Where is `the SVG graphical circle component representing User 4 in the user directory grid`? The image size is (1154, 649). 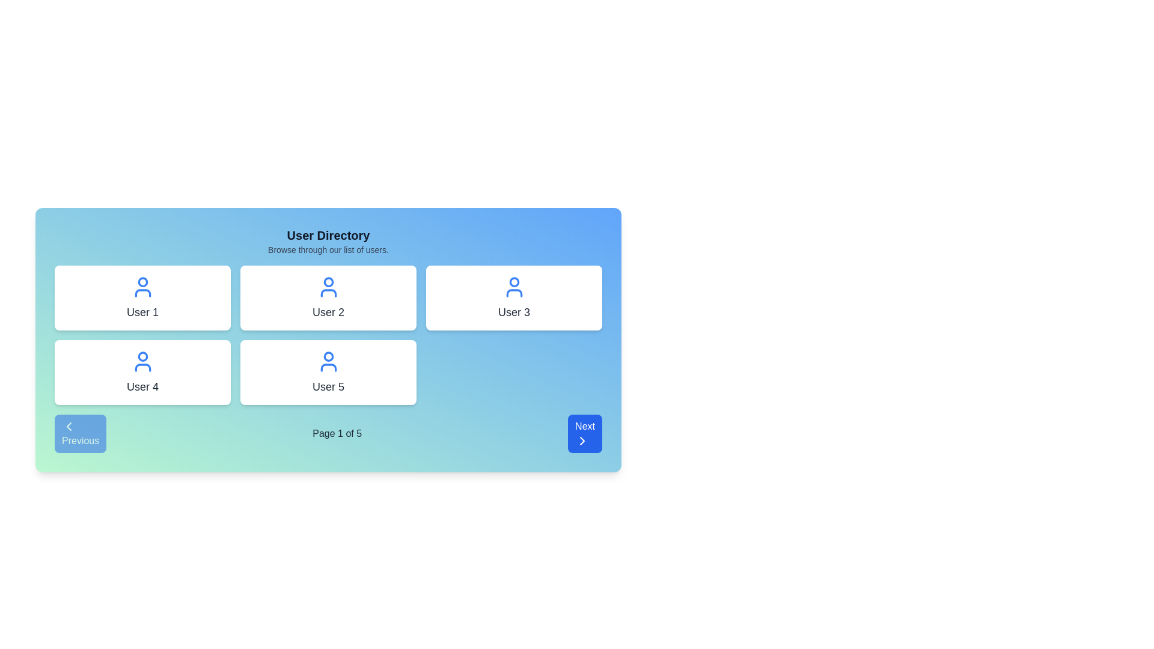
the SVG graphical circle component representing User 4 in the user directory grid is located at coordinates (142, 356).